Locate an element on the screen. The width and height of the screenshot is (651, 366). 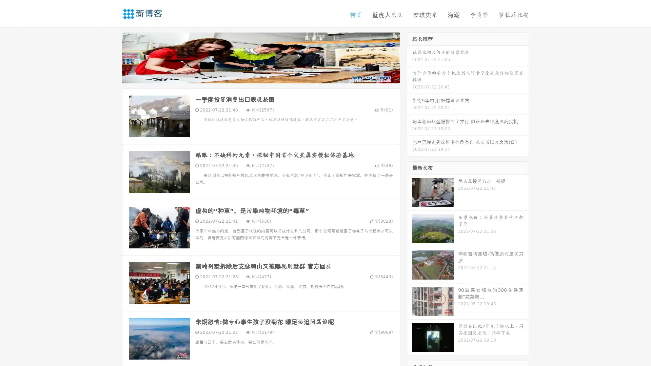
Go to slide 2 is located at coordinates (260, 76).